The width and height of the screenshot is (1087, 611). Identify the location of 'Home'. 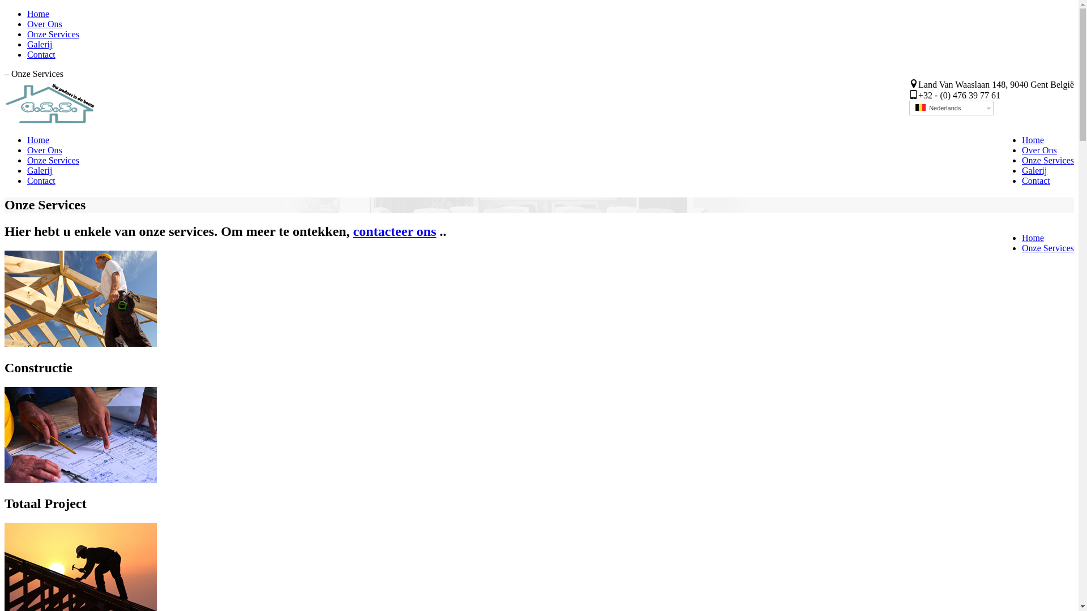
(38, 14).